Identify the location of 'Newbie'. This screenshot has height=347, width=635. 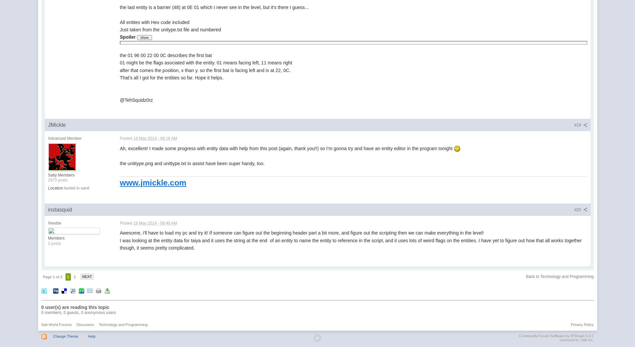
(54, 223).